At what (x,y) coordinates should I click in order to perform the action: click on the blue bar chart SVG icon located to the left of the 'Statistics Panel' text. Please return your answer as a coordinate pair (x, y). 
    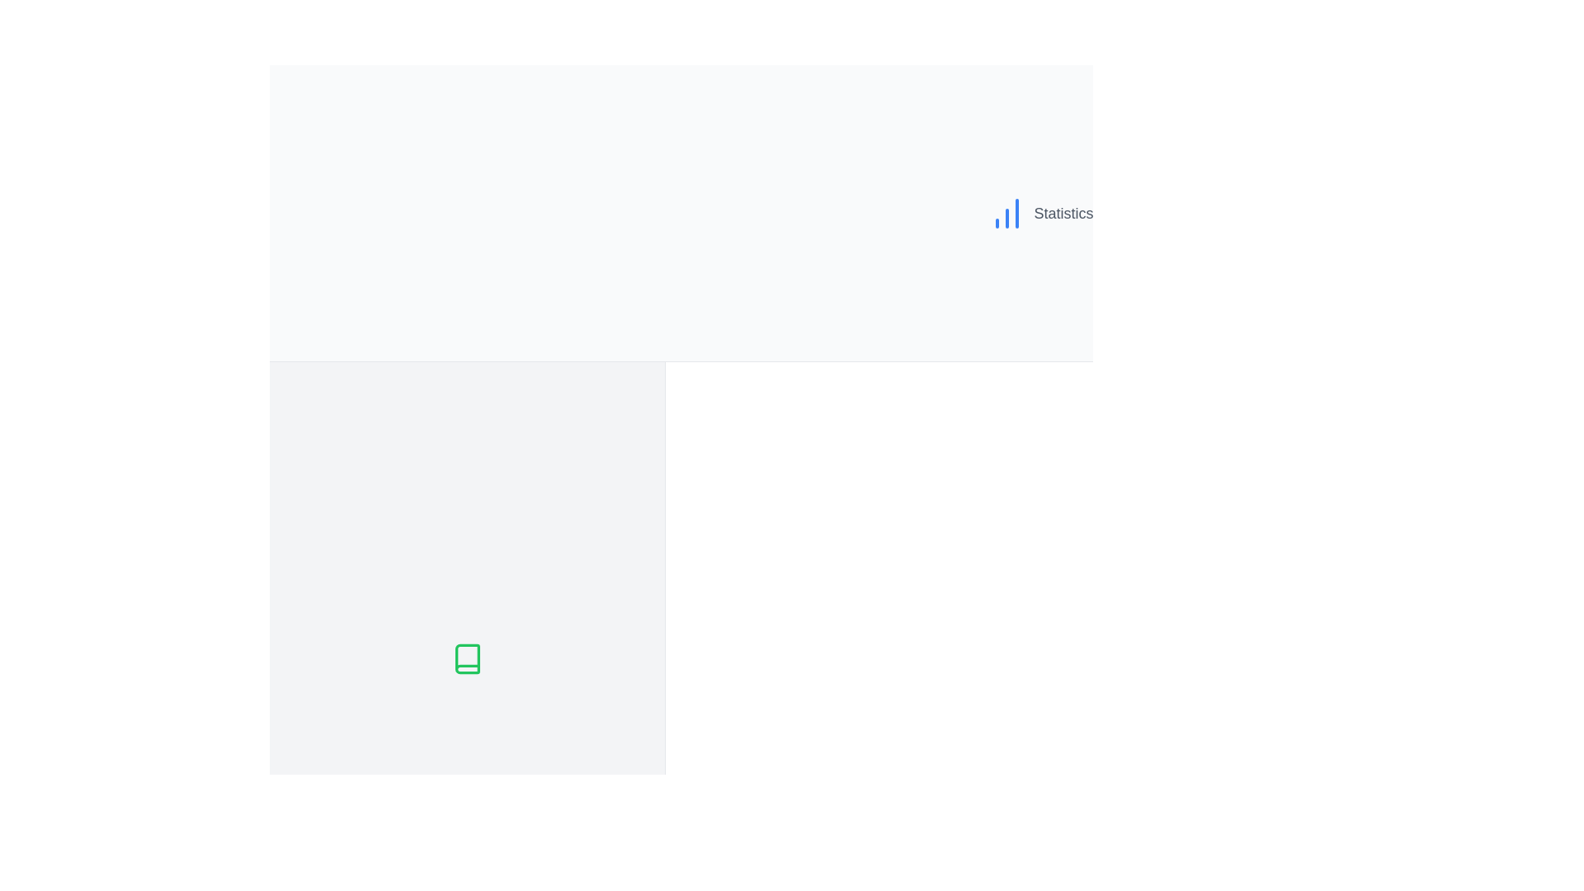
    Looking at the image, I should click on (1006, 212).